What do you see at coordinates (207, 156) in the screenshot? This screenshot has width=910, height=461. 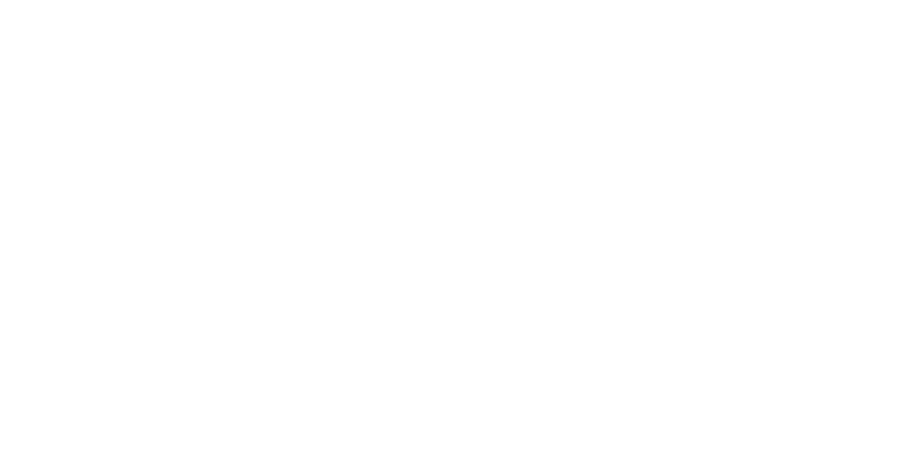 I see `'Featured'` at bounding box center [207, 156].